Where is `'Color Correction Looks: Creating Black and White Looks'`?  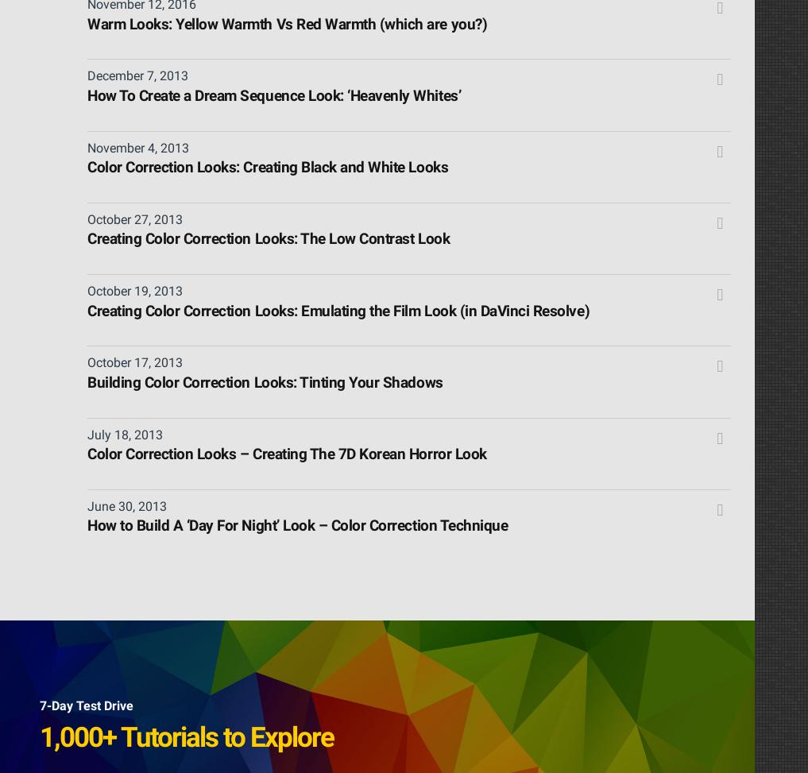 'Color Correction Looks: Creating Black and White Looks' is located at coordinates (268, 166).